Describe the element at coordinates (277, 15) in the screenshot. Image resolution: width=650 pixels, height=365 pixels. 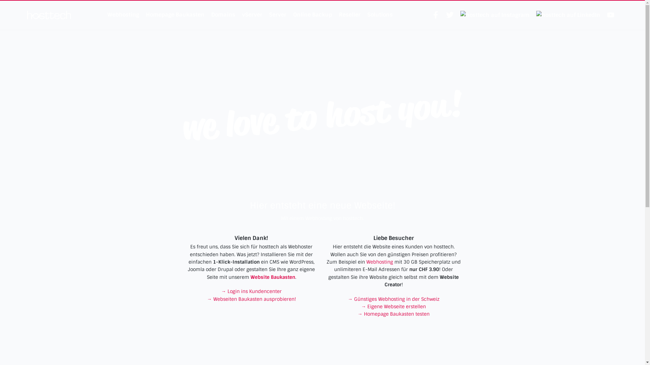
I see `'Server'` at that location.